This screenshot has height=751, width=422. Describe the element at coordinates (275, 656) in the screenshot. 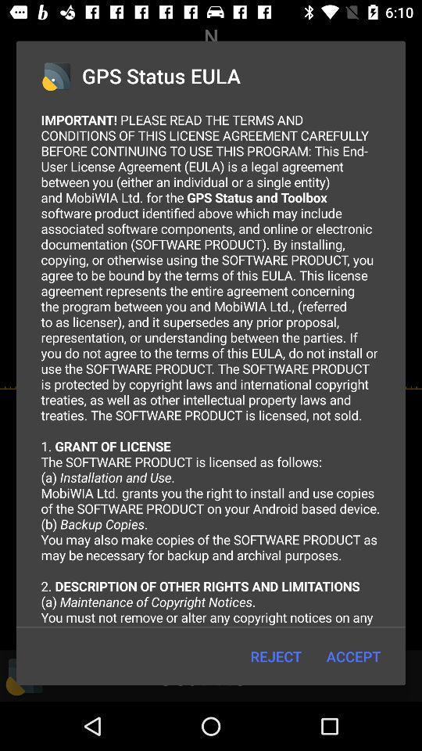

I see `reject item` at that location.